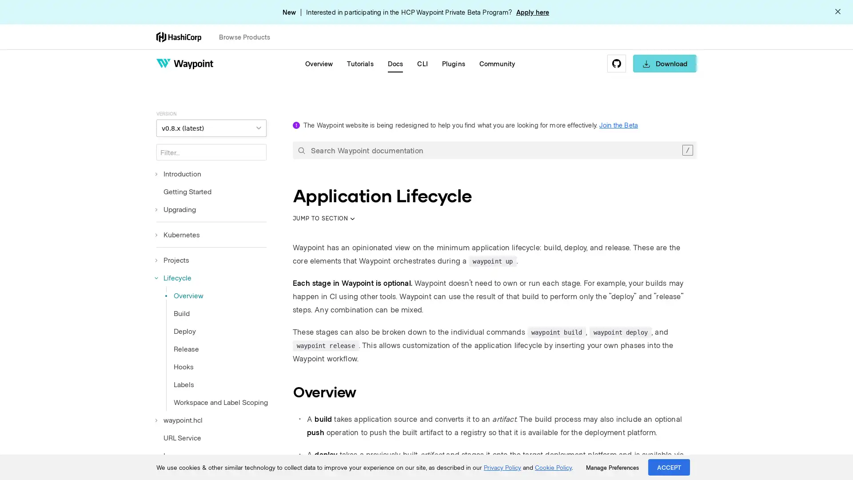 The image size is (853, 480). What do you see at coordinates (618, 125) in the screenshot?
I see `Join the Beta` at bounding box center [618, 125].